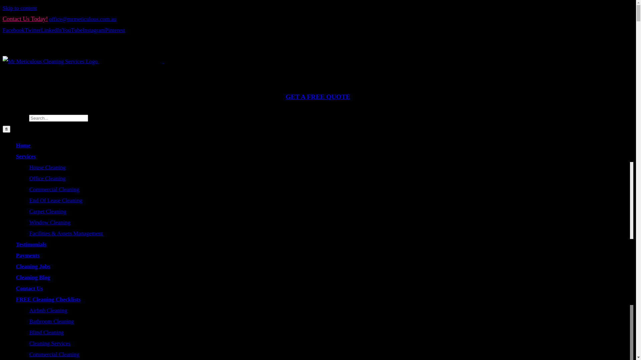  Describe the element at coordinates (29, 343) in the screenshot. I see `'Cleaning Services'` at that location.